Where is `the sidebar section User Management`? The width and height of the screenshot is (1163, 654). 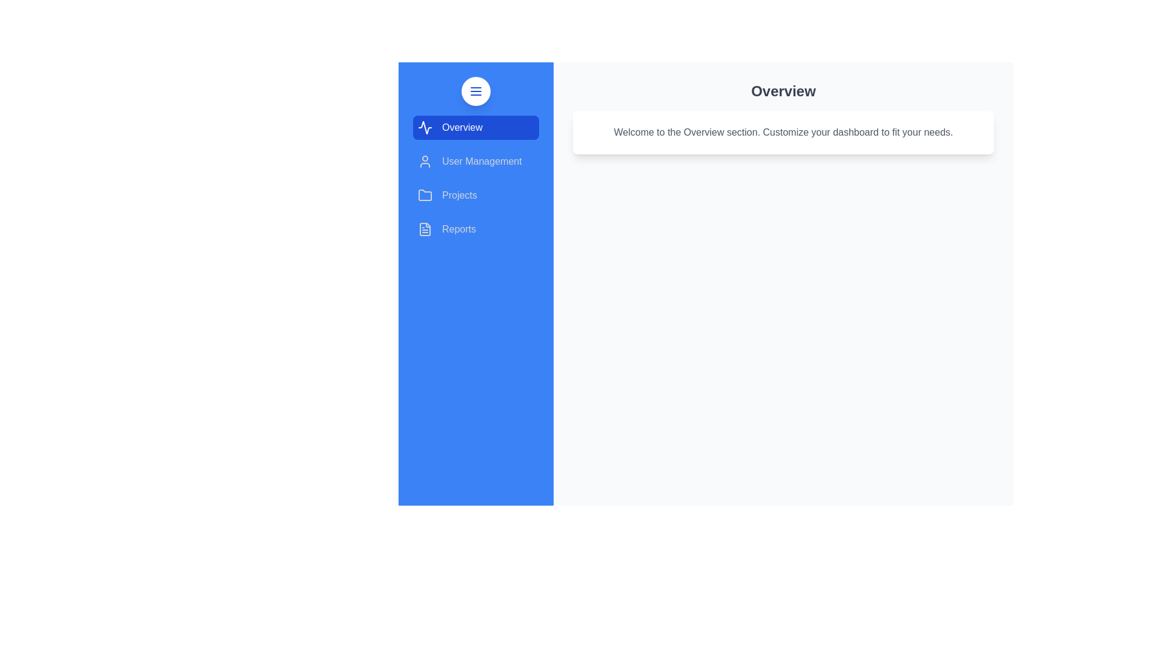 the sidebar section User Management is located at coordinates (475, 160).